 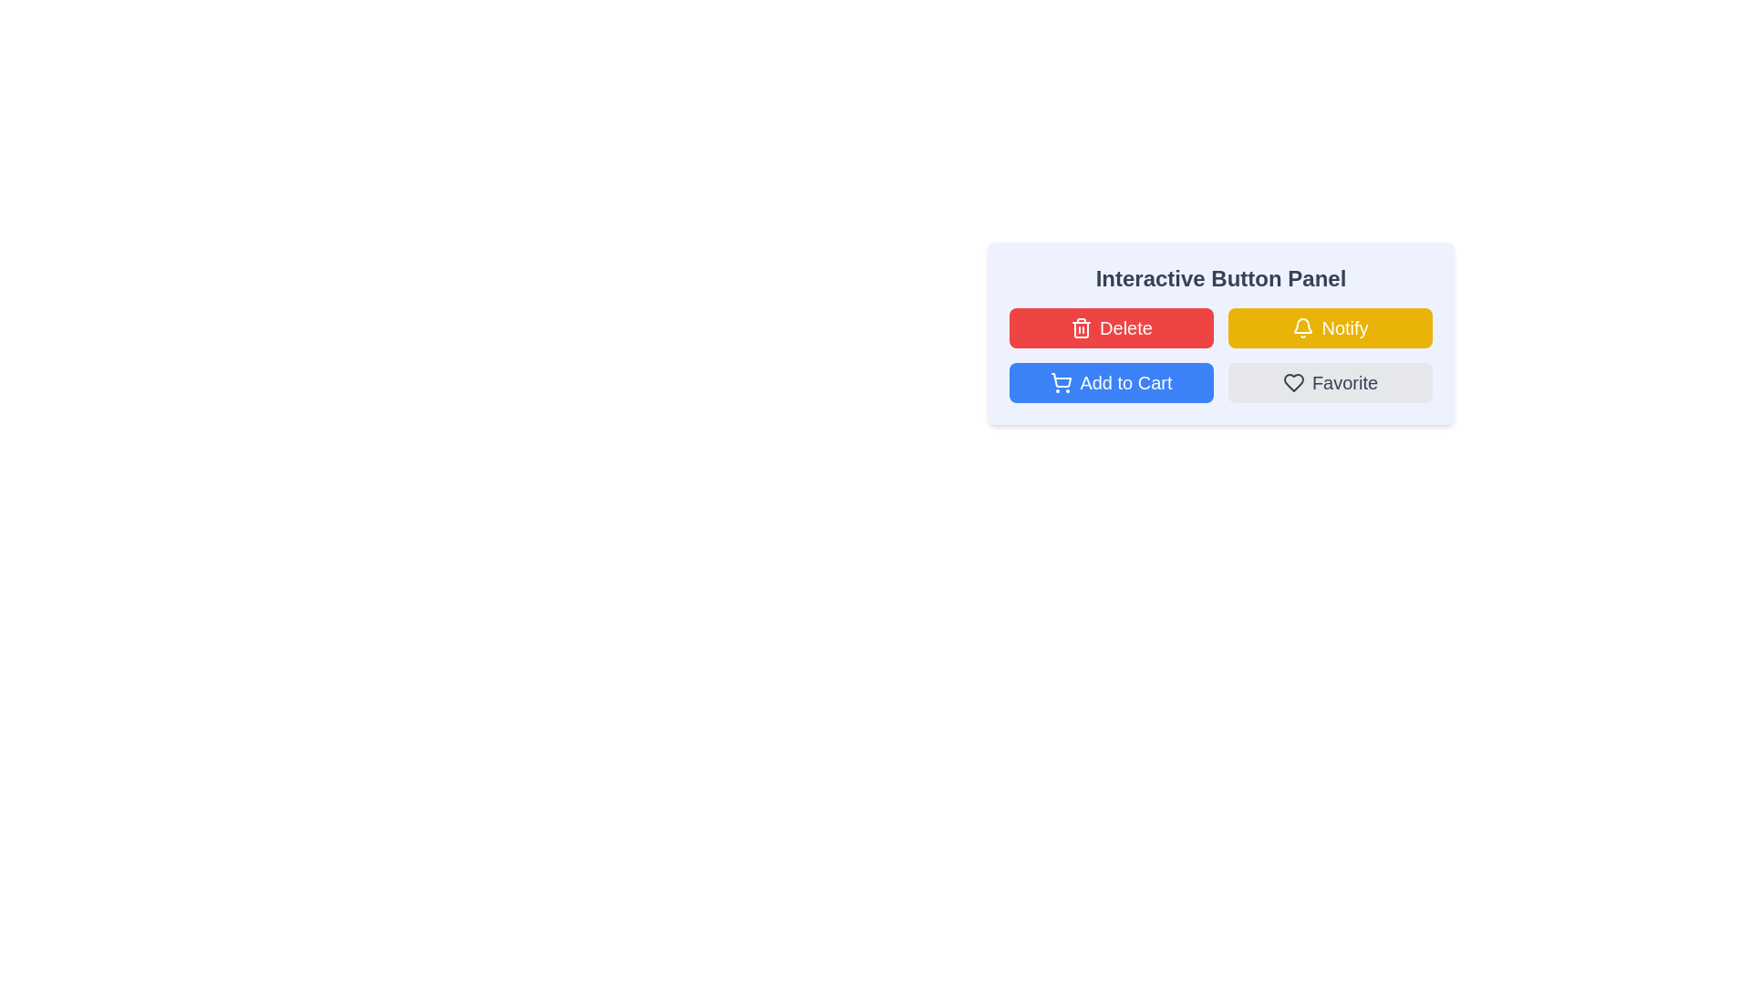 I want to click on the text label for the 'Favorite' button, which is positioned to the right of a heart icon in a horizontal button group, so click(x=1344, y=382).